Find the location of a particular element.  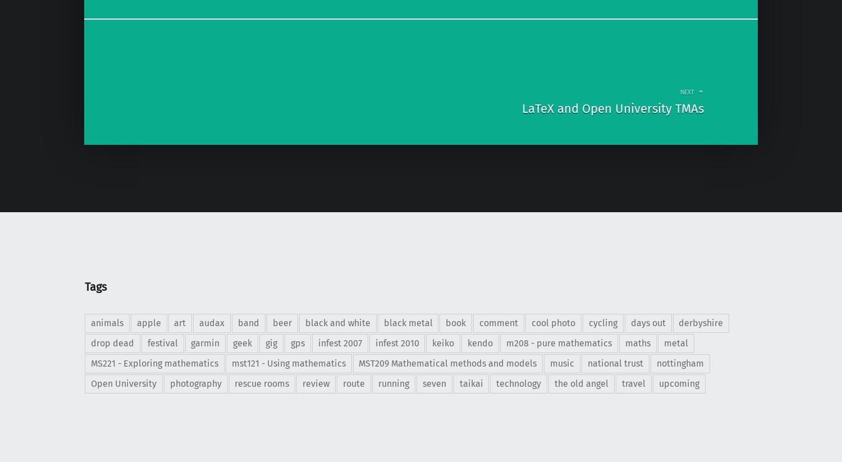

'kendo' is located at coordinates (479, 342).